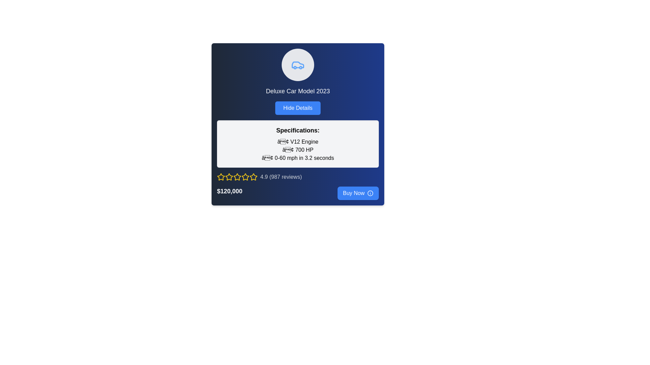  Describe the element at coordinates (370, 193) in the screenshot. I see `the decorative icon located at the right side of the Buy Now button in the card's footer area, which serves to denote additional information or confirmation` at that location.